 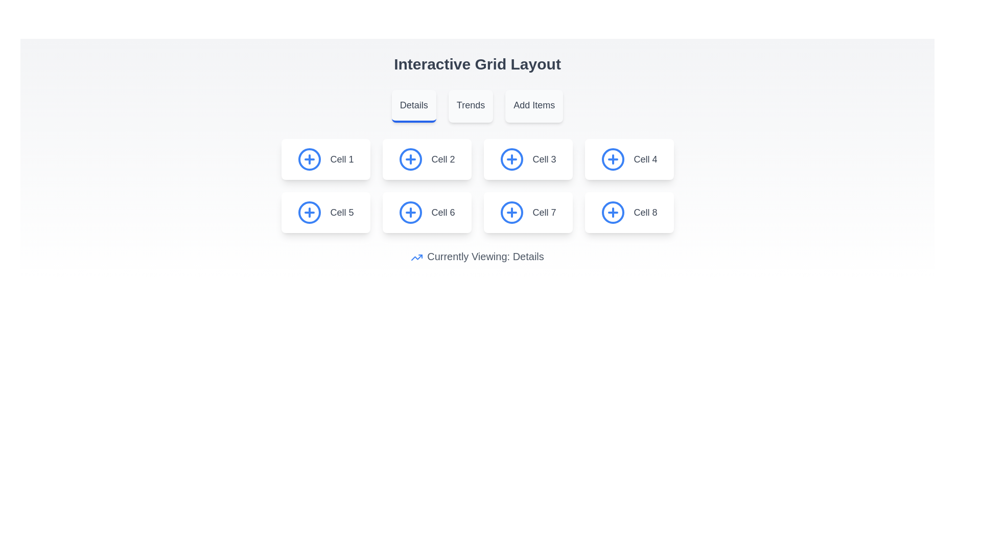 What do you see at coordinates (414, 105) in the screenshot?
I see `the text label displaying 'Details', which is centrally aligned, bolded, and gray-colored, located in the top-center section of the interface` at bounding box center [414, 105].